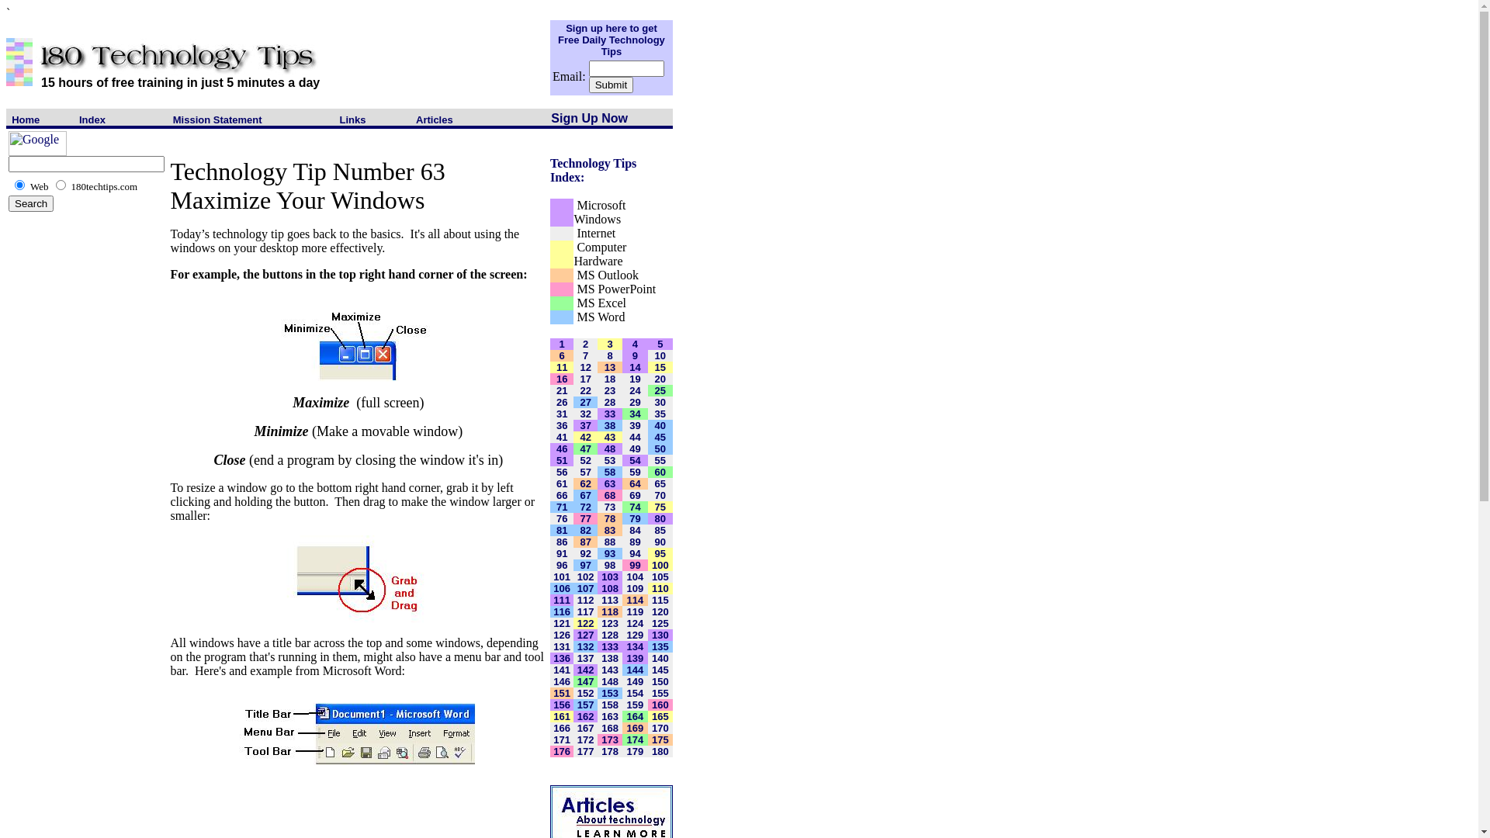 The height and width of the screenshot is (838, 1490). I want to click on '29', so click(634, 401).